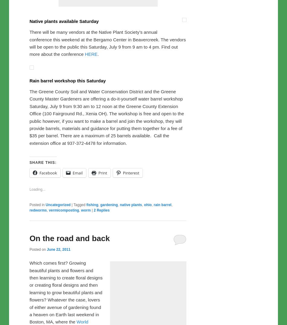 Image resolution: width=287 pixels, height=325 pixels. Describe the element at coordinates (67, 206) in the screenshot. I see `'Rain barrel workshop this Saturday'` at that location.